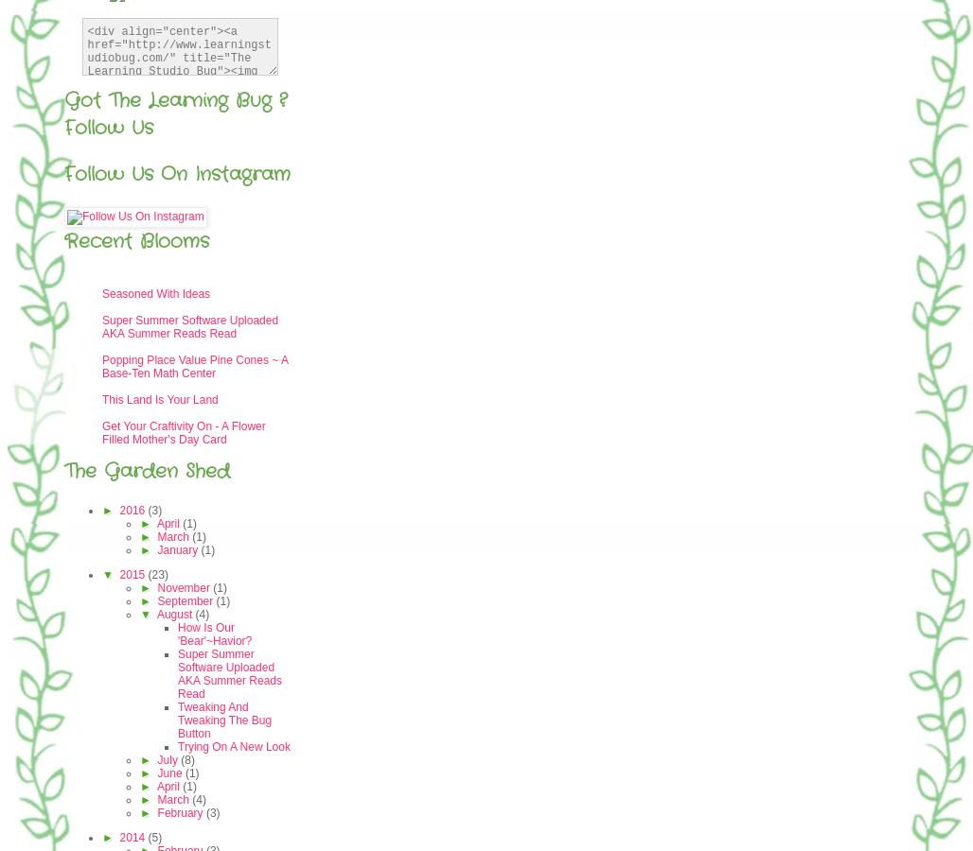 This screenshot has width=973, height=851. What do you see at coordinates (155, 291) in the screenshot?
I see `'Seasoned With Ideas'` at bounding box center [155, 291].